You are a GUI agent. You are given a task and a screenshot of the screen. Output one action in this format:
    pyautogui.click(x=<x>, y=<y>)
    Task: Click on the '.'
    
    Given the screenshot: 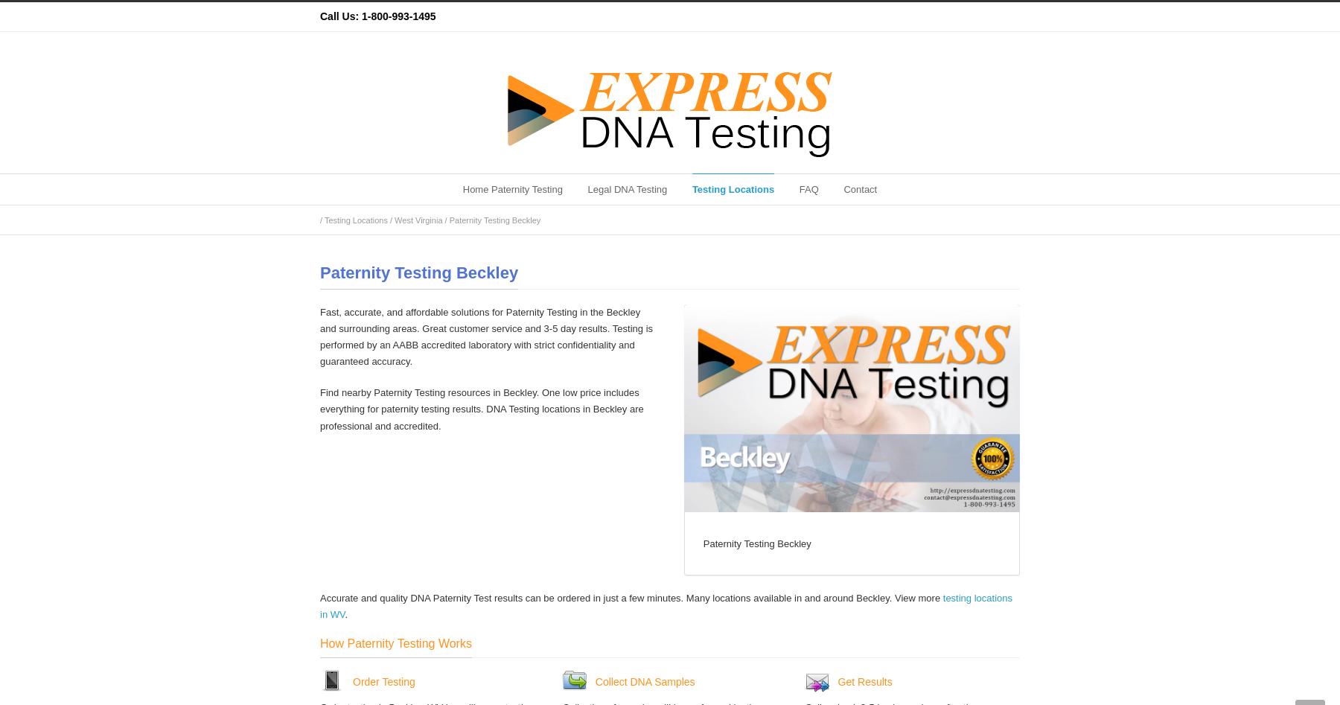 What is the action you would take?
    pyautogui.click(x=345, y=614)
    